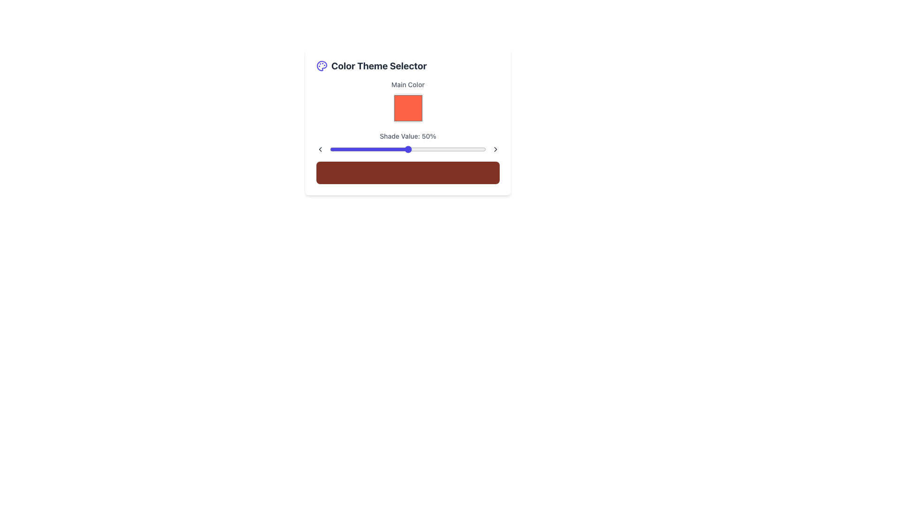 The height and width of the screenshot is (506, 900). What do you see at coordinates (409, 149) in the screenshot?
I see `the shade value` at bounding box center [409, 149].